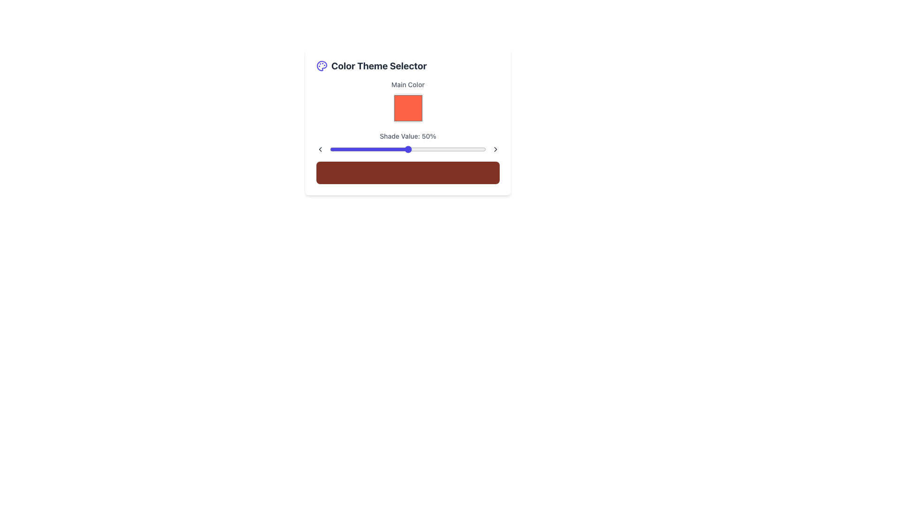 The height and width of the screenshot is (506, 900). What do you see at coordinates (409, 149) in the screenshot?
I see `the shade value` at bounding box center [409, 149].